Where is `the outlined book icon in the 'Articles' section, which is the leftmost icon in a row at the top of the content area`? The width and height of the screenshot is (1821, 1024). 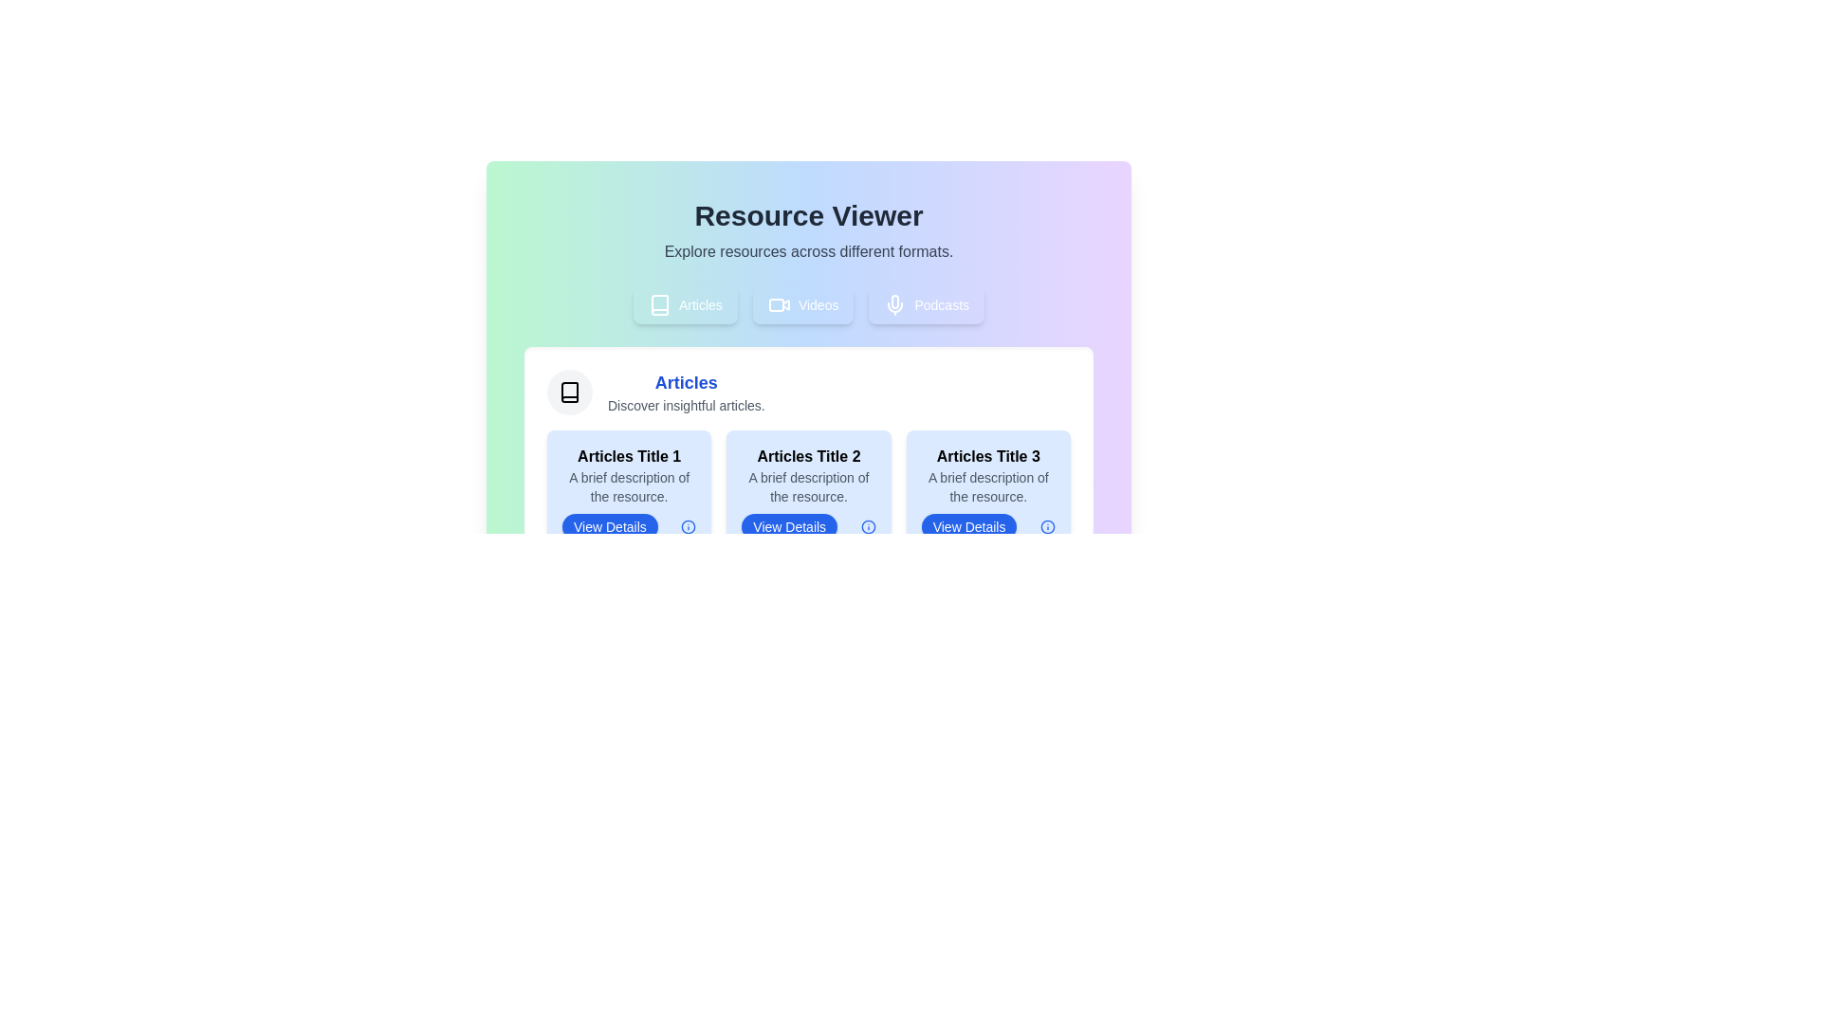 the outlined book icon in the 'Articles' section, which is the leftmost icon in a row at the top of the content area is located at coordinates (568, 391).